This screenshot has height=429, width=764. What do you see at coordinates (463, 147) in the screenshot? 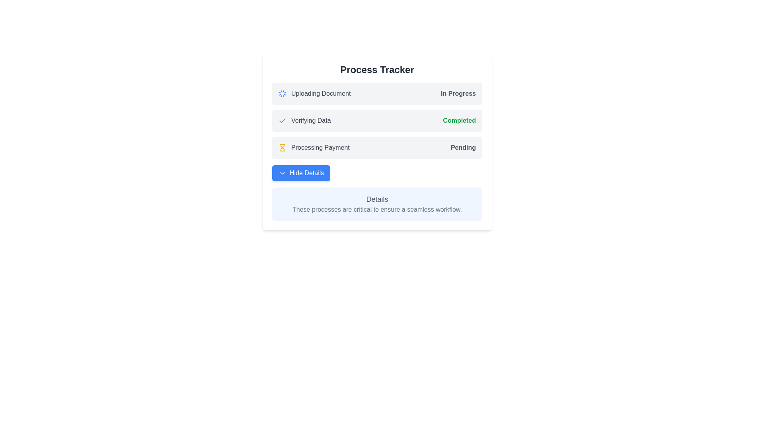
I see `the label displaying the text 'Pending'` at bounding box center [463, 147].